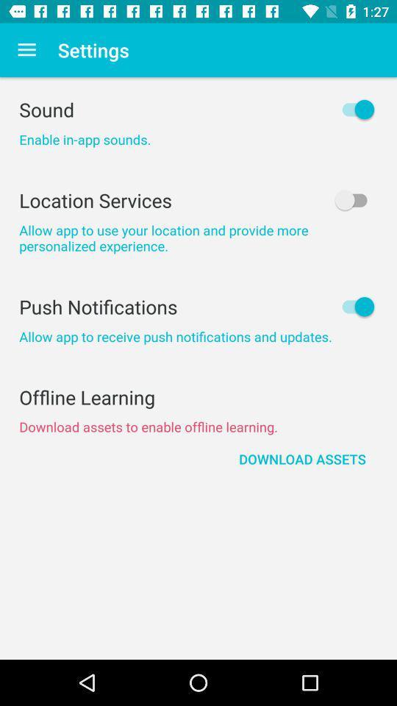  I want to click on the sound, so click(198, 109).